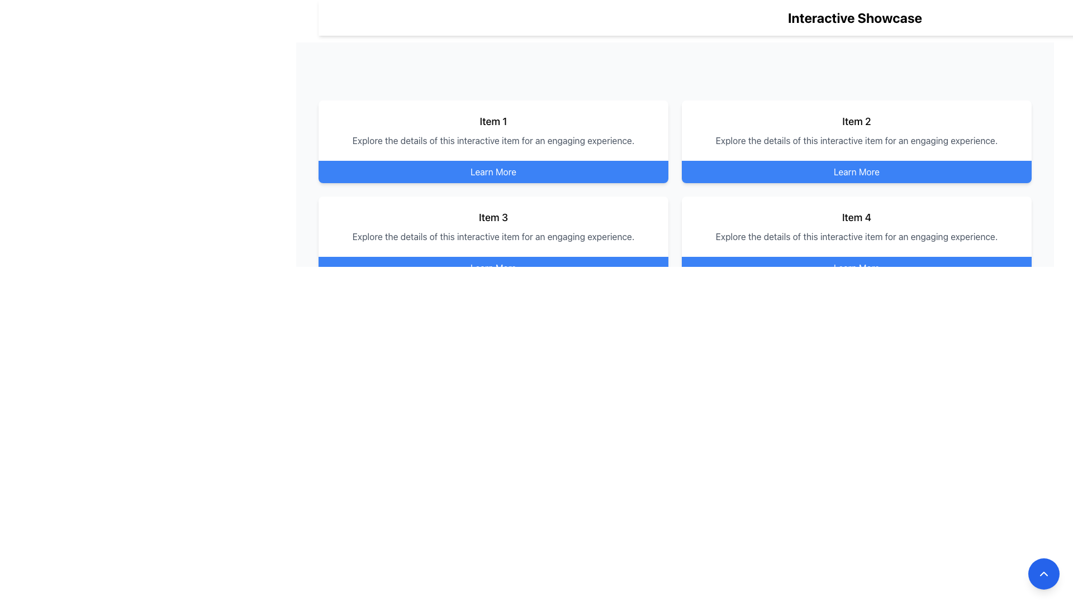  What do you see at coordinates (493, 122) in the screenshot?
I see `information displayed in the header text labeled 'Item 1' which is bold and larger, located at the top of the first card in a two-row grid layout` at bounding box center [493, 122].